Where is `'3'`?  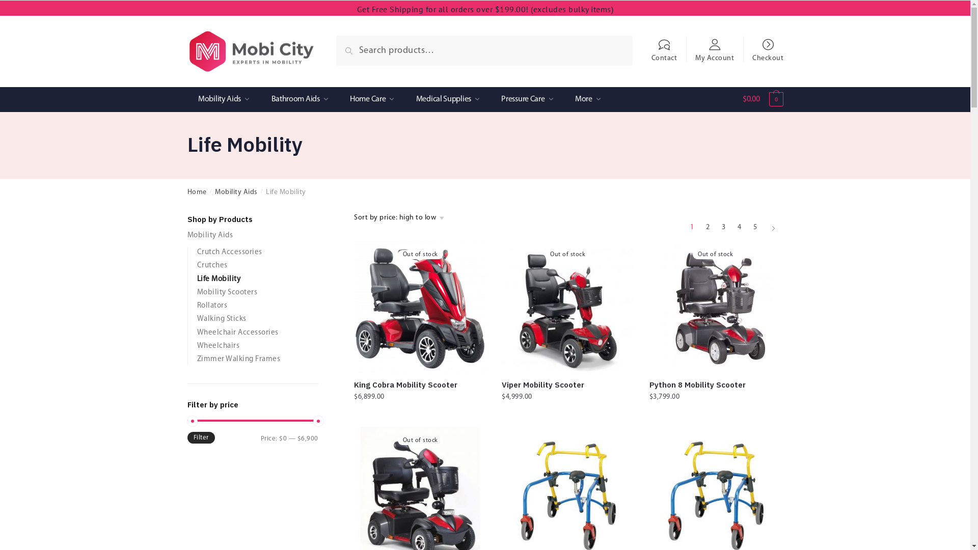
'3' is located at coordinates (723, 227).